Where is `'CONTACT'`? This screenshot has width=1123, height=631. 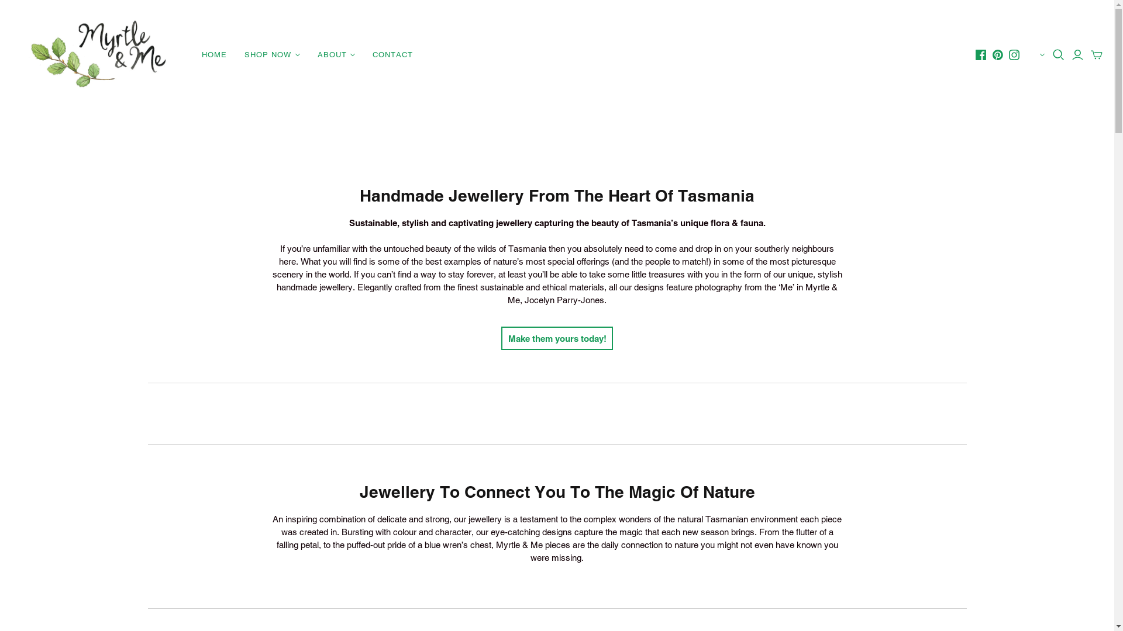 'CONTACT' is located at coordinates (392, 54).